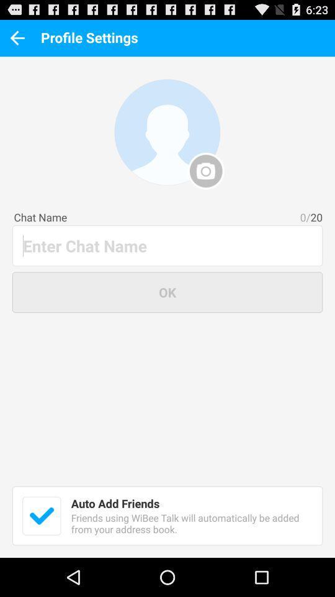 Image resolution: width=335 pixels, height=597 pixels. Describe the element at coordinates (42, 516) in the screenshot. I see `tick option` at that location.